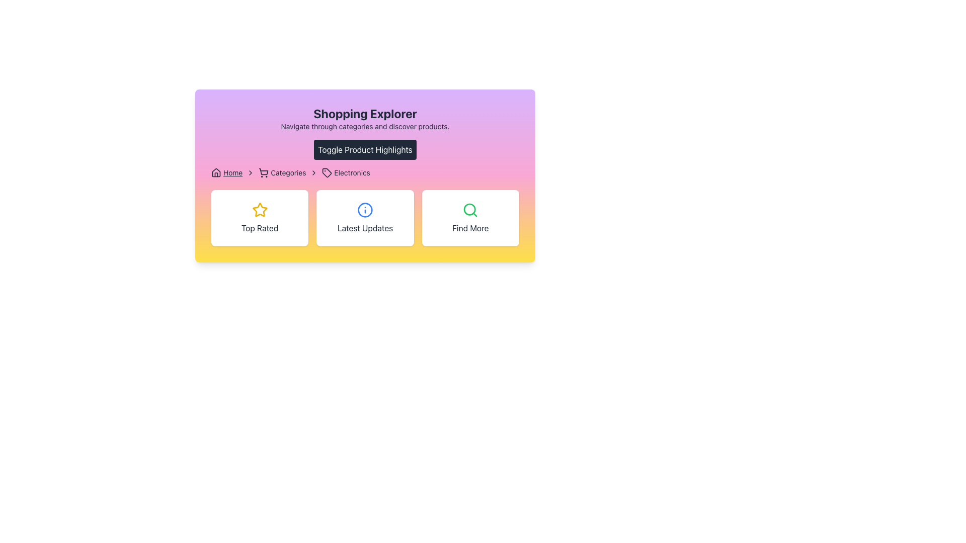  What do you see at coordinates (282, 172) in the screenshot?
I see `the 'Categories' text with shopping cart icon in the breadcrumb navigation` at bounding box center [282, 172].